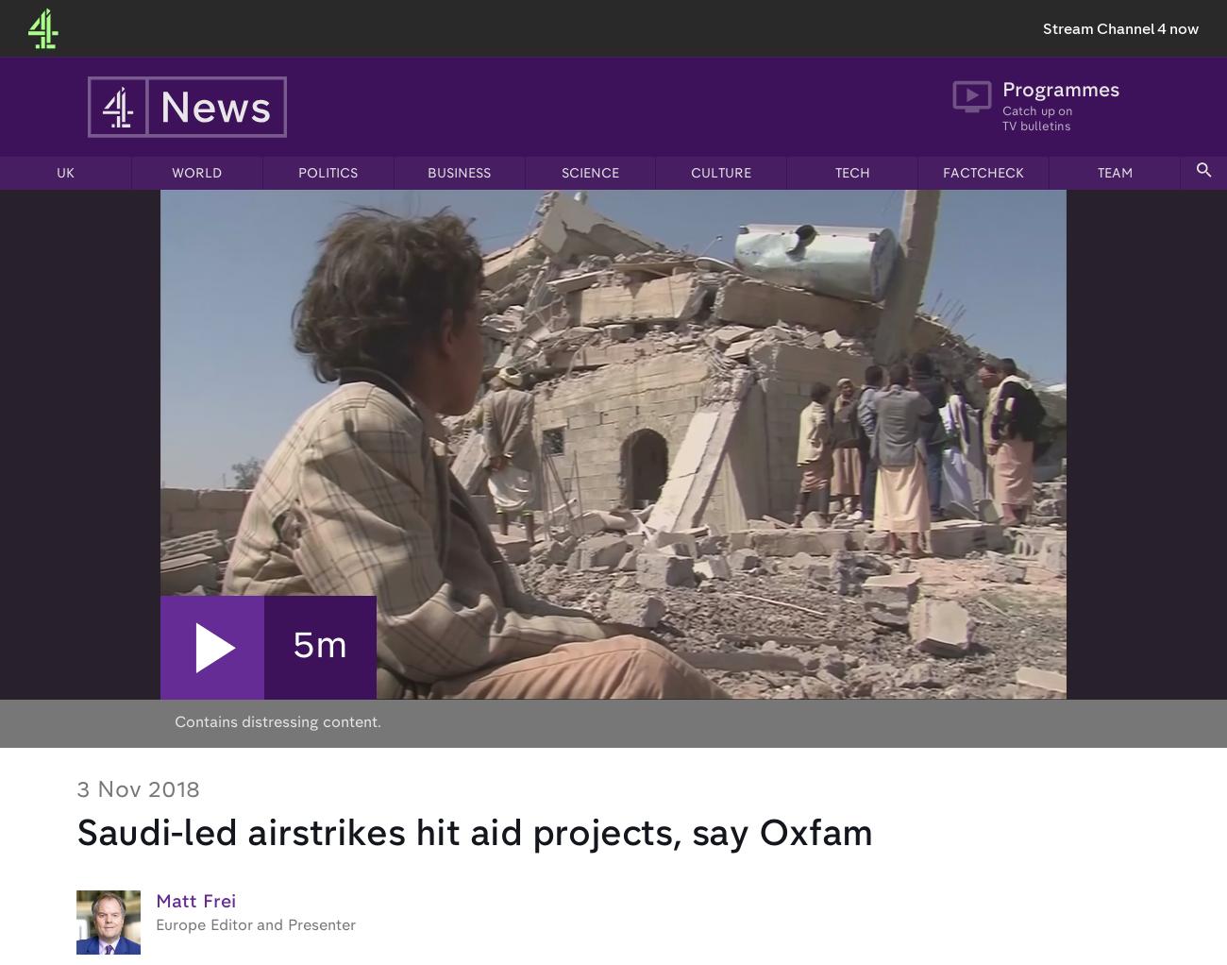  Describe the element at coordinates (395, 550) in the screenshot. I see `'A warning – you may find some of the images in this report distressing.'` at that location.